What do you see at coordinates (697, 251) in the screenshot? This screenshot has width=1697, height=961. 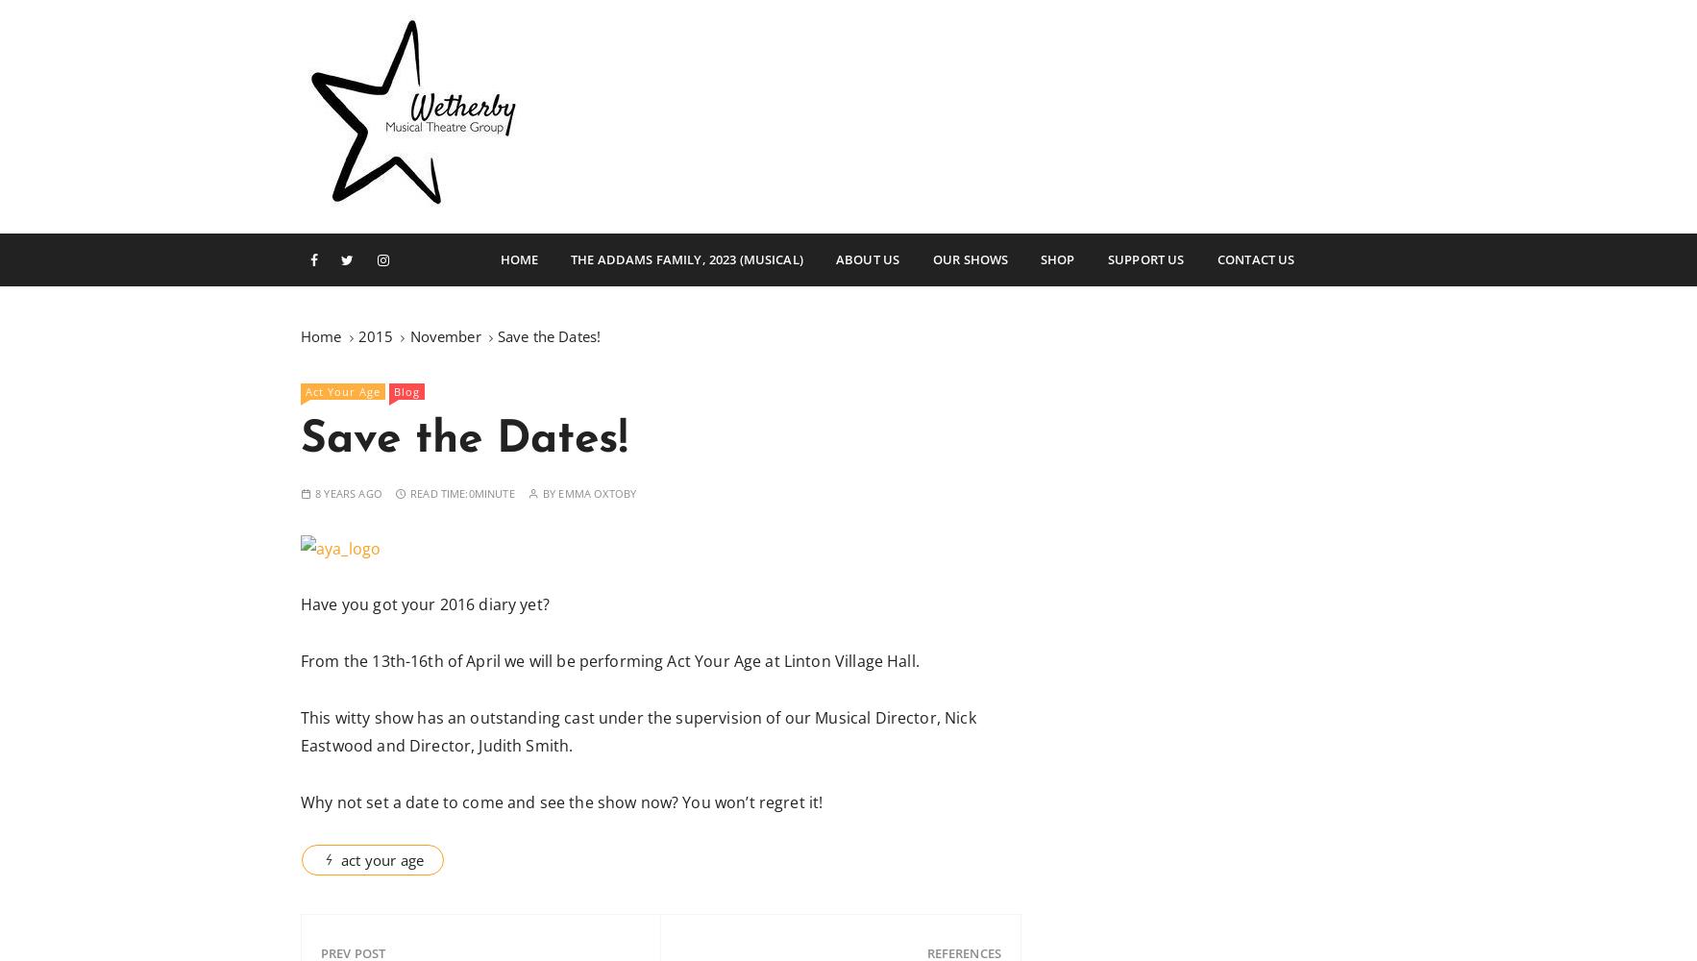 I see `'Wetherby Musical Theatre Group'` at bounding box center [697, 251].